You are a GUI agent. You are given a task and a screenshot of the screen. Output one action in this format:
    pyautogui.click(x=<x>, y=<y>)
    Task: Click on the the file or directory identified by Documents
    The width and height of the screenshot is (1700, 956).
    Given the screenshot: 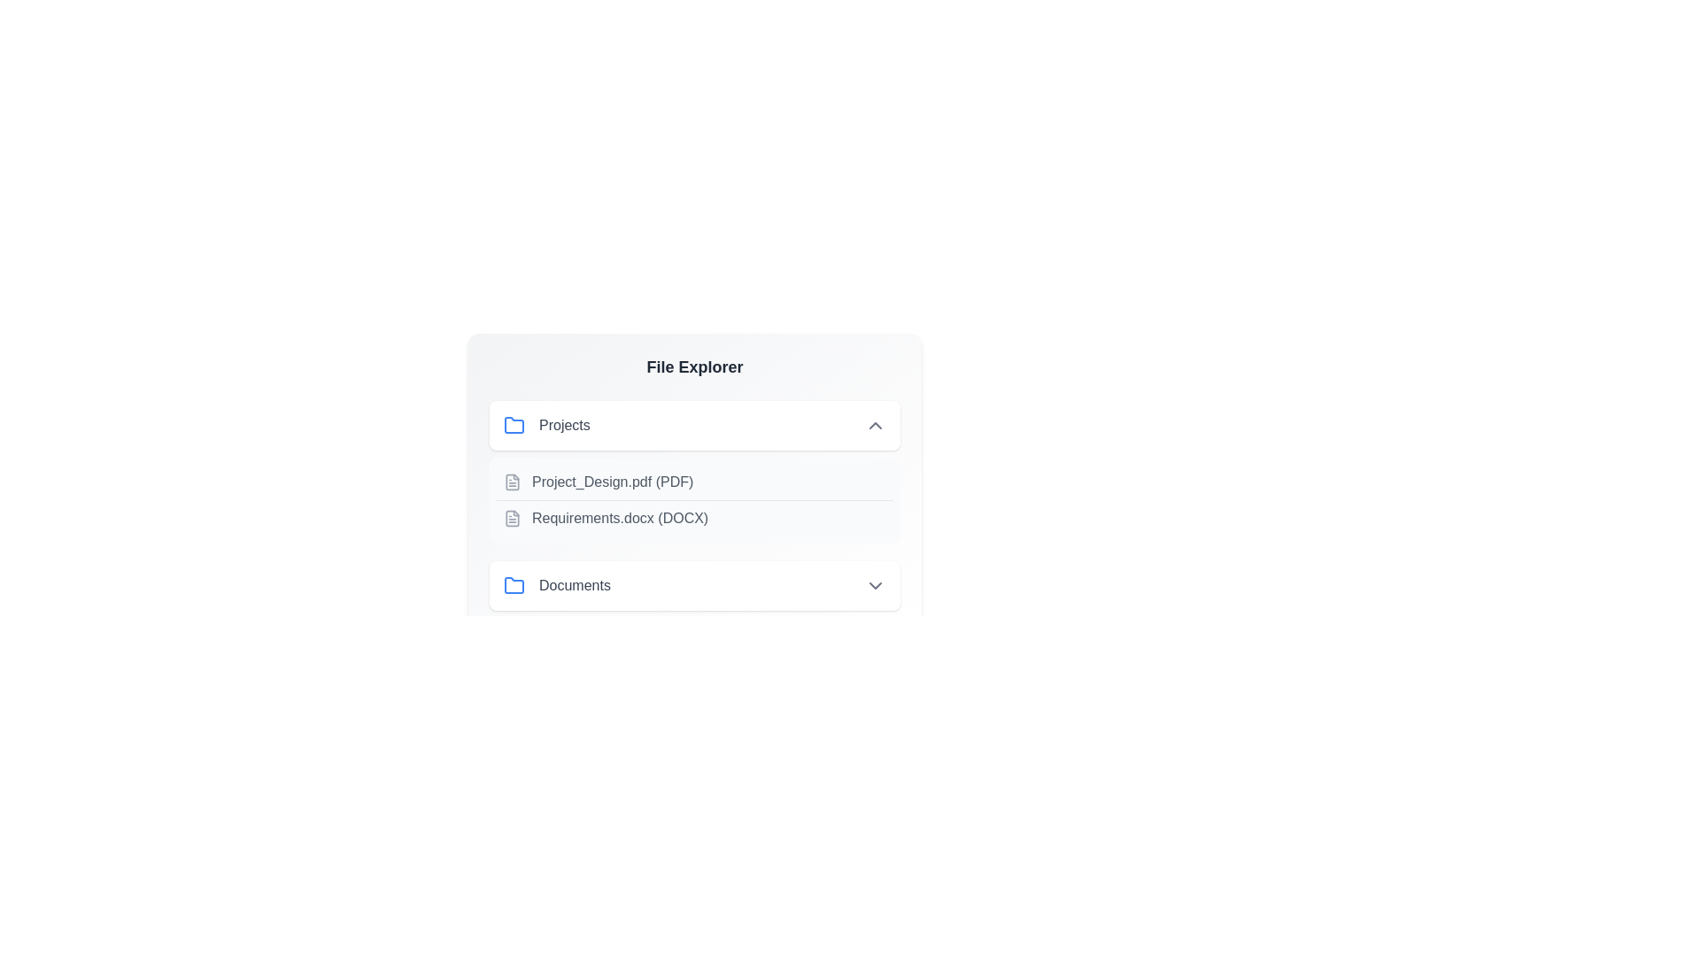 What is the action you would take?
    pyautogui.click(x=694, y=586)
    